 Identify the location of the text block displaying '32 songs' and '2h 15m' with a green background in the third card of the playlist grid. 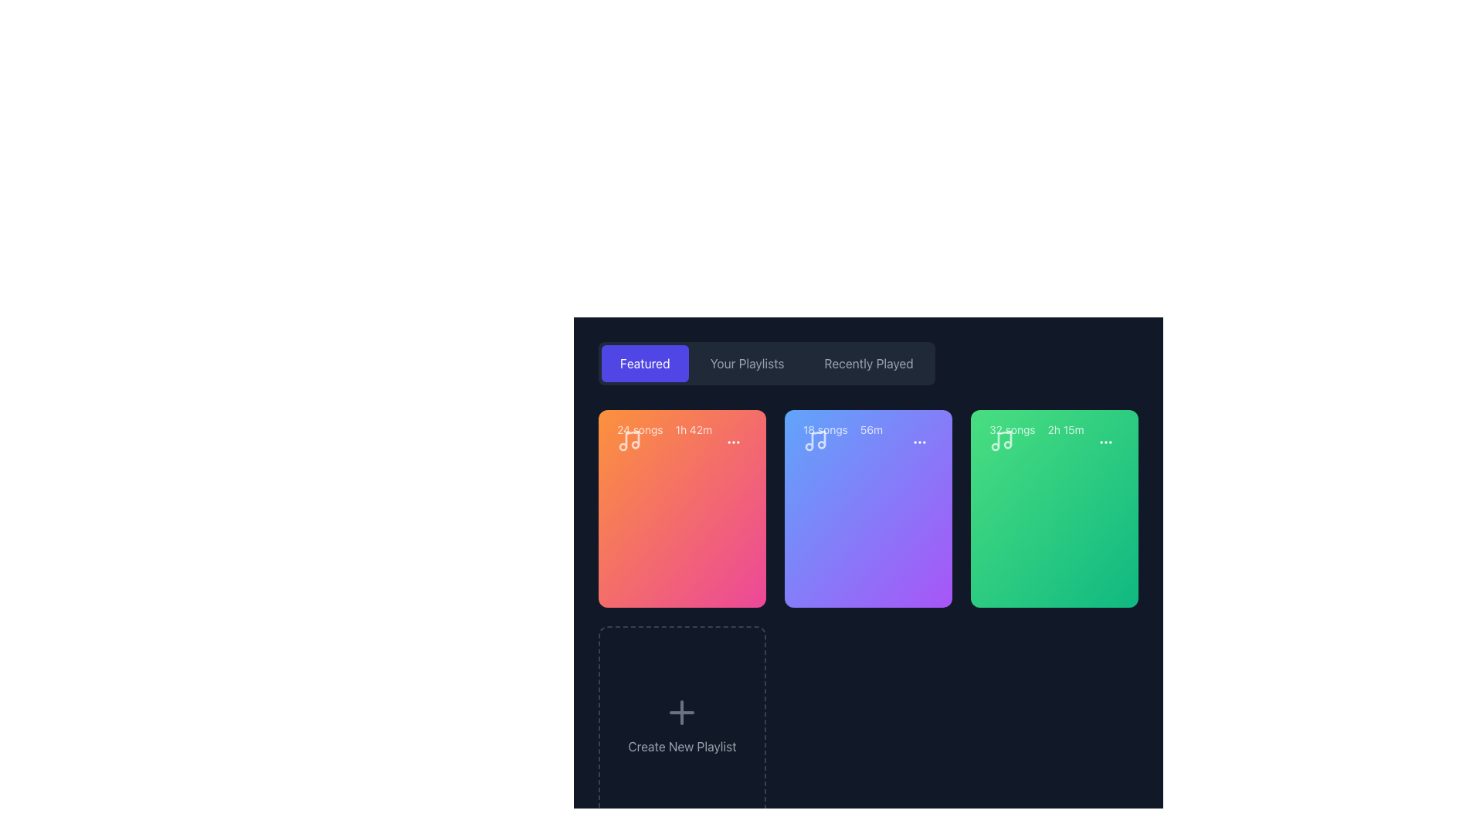
(1054, 442).